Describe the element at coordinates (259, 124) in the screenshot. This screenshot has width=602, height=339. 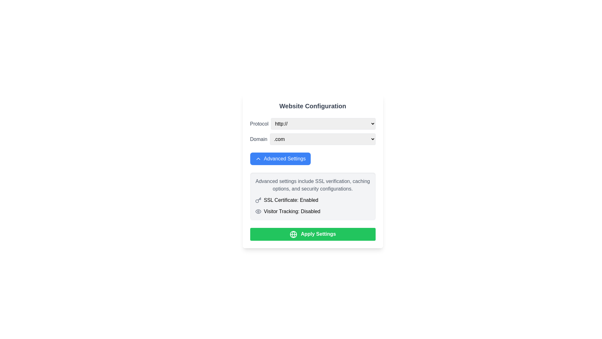
I see `the label that indicates the purpose of the adjacent dropdown input in the 'Website Configuration' form box` at that location.